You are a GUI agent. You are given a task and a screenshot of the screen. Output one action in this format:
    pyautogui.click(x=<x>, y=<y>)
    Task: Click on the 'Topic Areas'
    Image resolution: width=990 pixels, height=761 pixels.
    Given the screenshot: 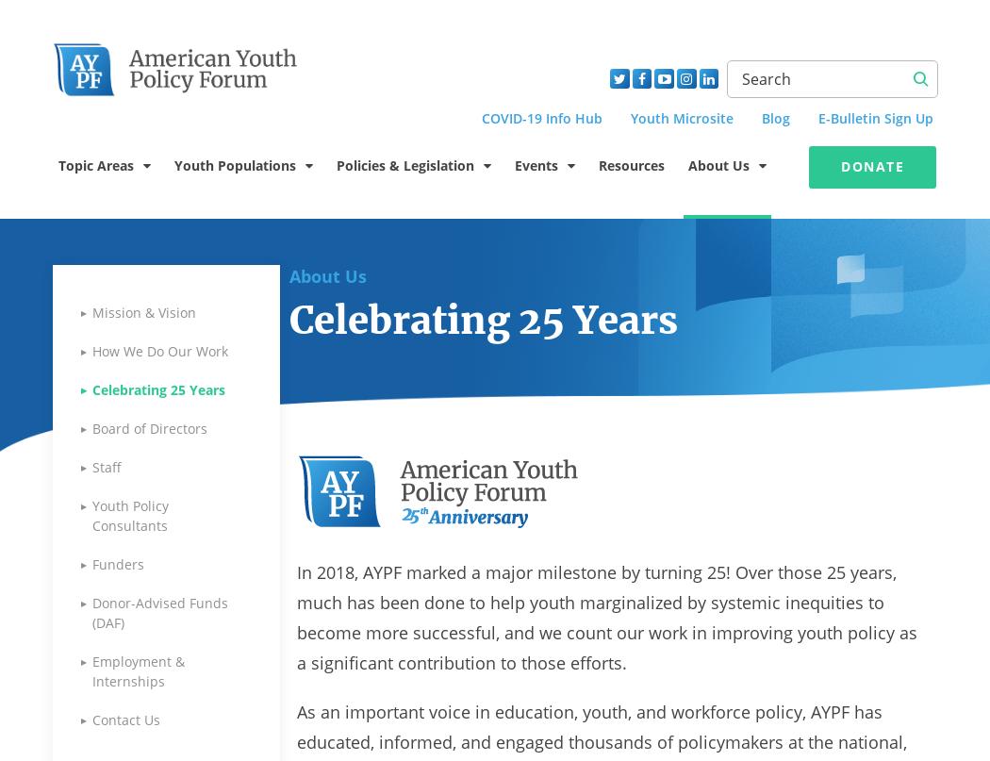 What is the action you would take?
    pyautogui.click(x=95, y=165)
    